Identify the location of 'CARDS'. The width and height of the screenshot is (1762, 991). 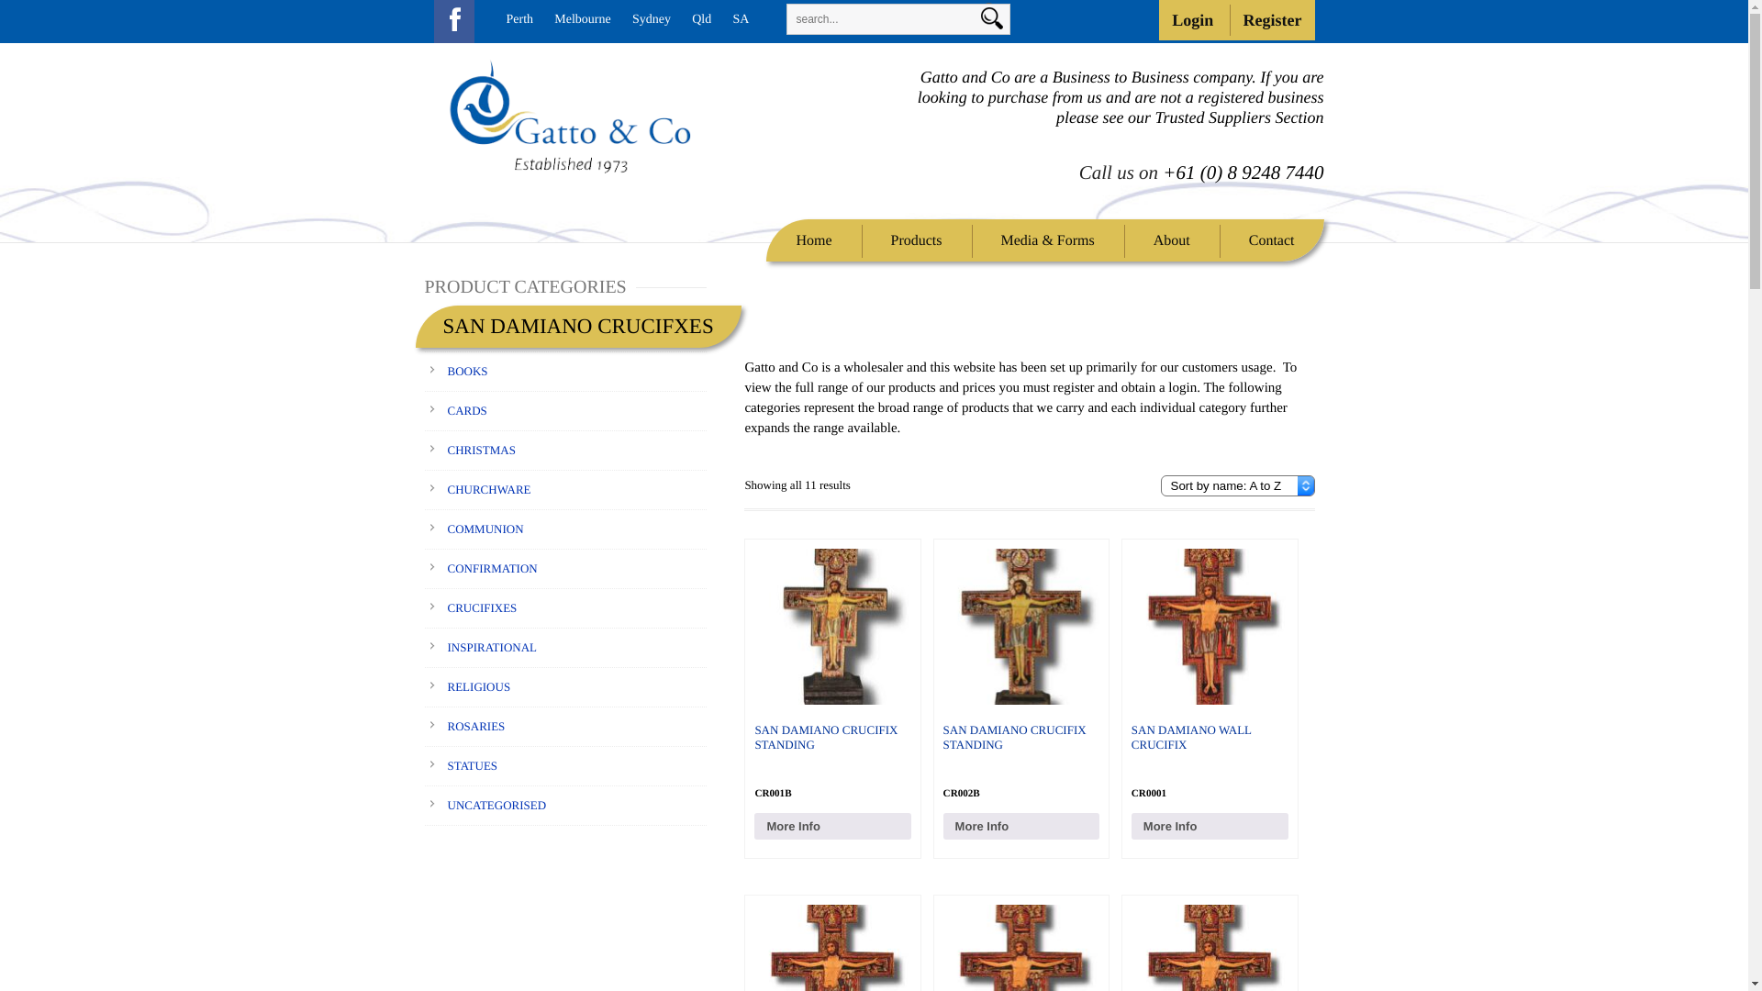
(467, 409).